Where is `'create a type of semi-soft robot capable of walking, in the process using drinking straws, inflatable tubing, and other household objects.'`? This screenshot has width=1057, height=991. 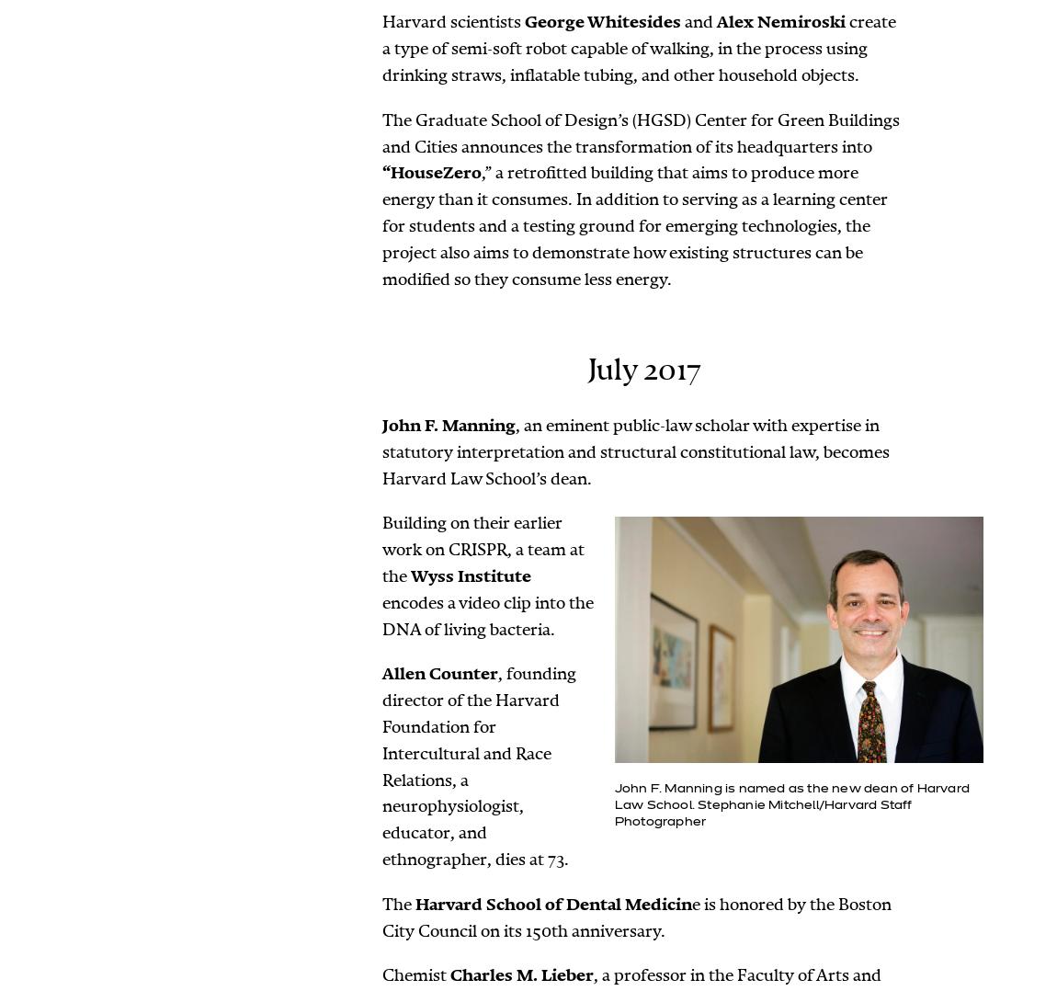 'create a type of semi-soft robot capable of walking, in the process using drinking straws, inflatable tubing, and other household objects.' is located at coordinates (638, 49).